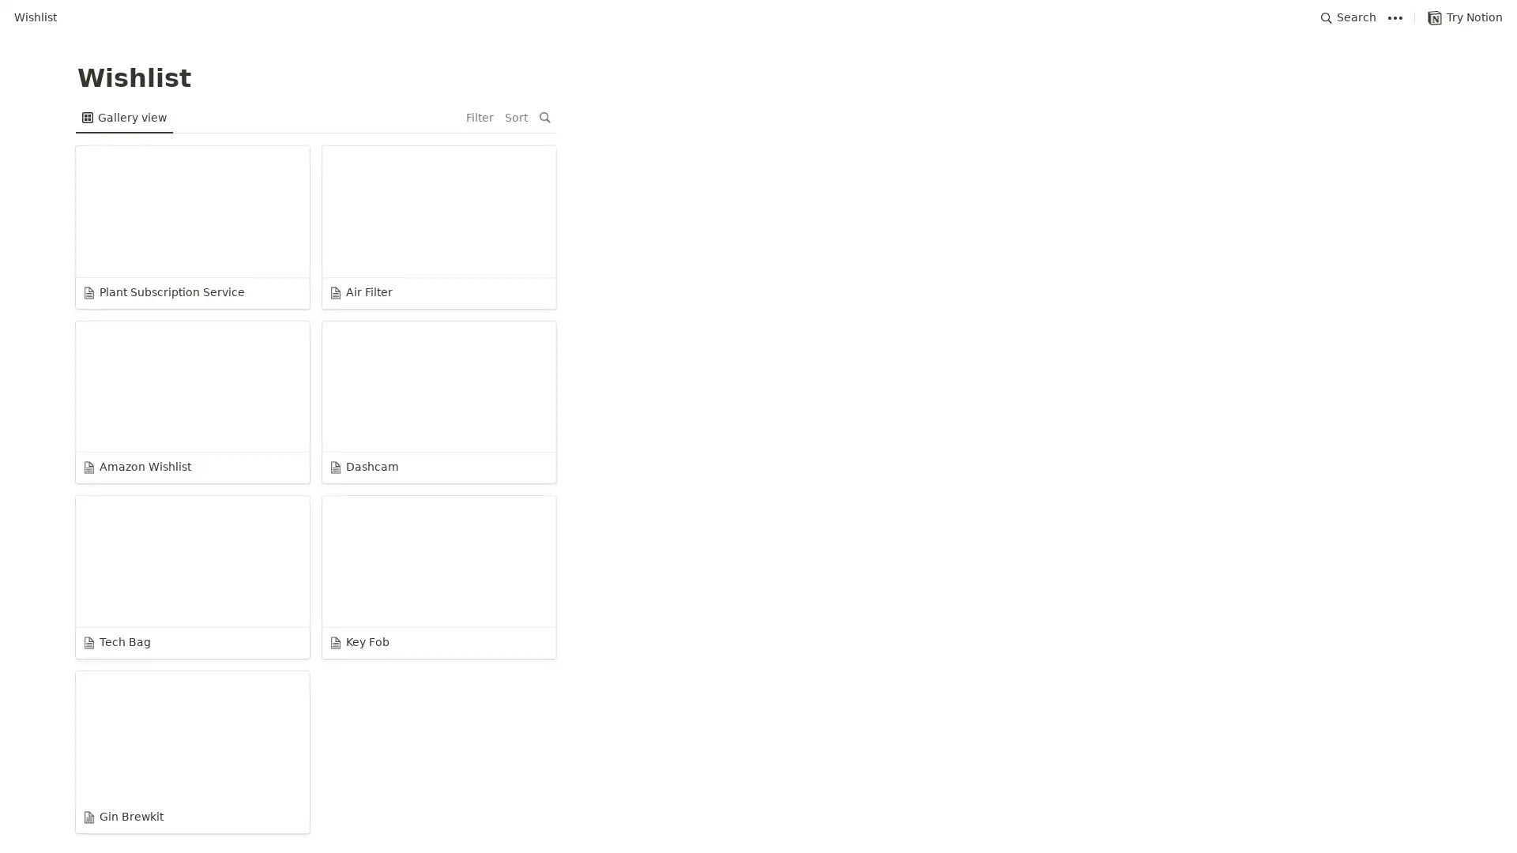 The height and width of the screenshot is (853, 1517). I want to click on Wishlist, so click(35, 17).